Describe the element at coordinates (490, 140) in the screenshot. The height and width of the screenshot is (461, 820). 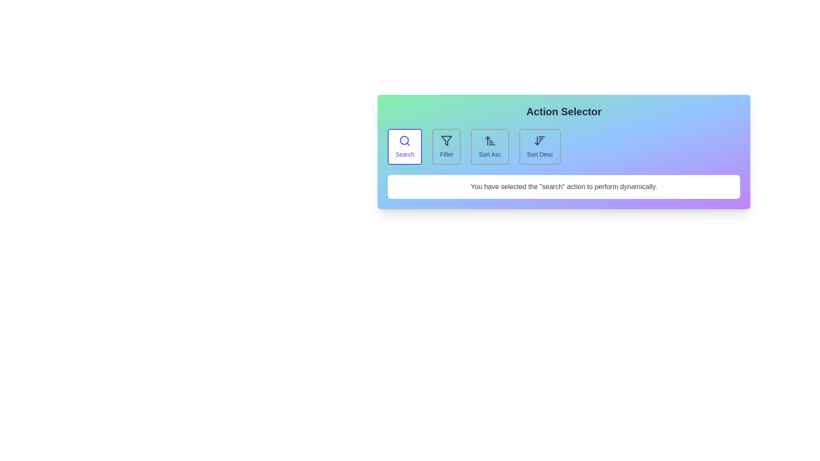
I see `the upward-pointing arrow icon within the 'Sort Asc' button, which is the third button in a row of four inside the 'Action Selector' panel` at that location.